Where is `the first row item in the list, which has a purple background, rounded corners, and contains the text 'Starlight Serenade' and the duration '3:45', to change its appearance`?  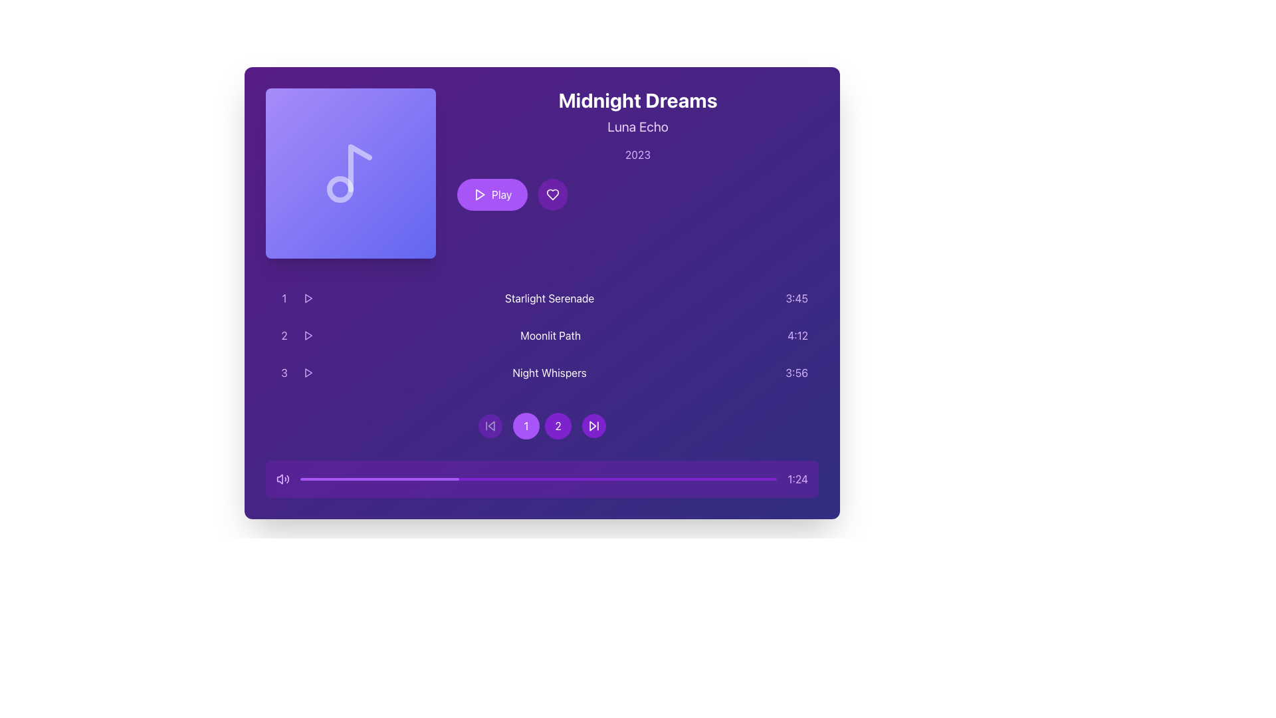 the first row item in the list, which has a purple background, rounded corners, and contains the text 'Starlight Serenade' and the duration '3:45', to change its appearance is located at coordinates (542, 297).